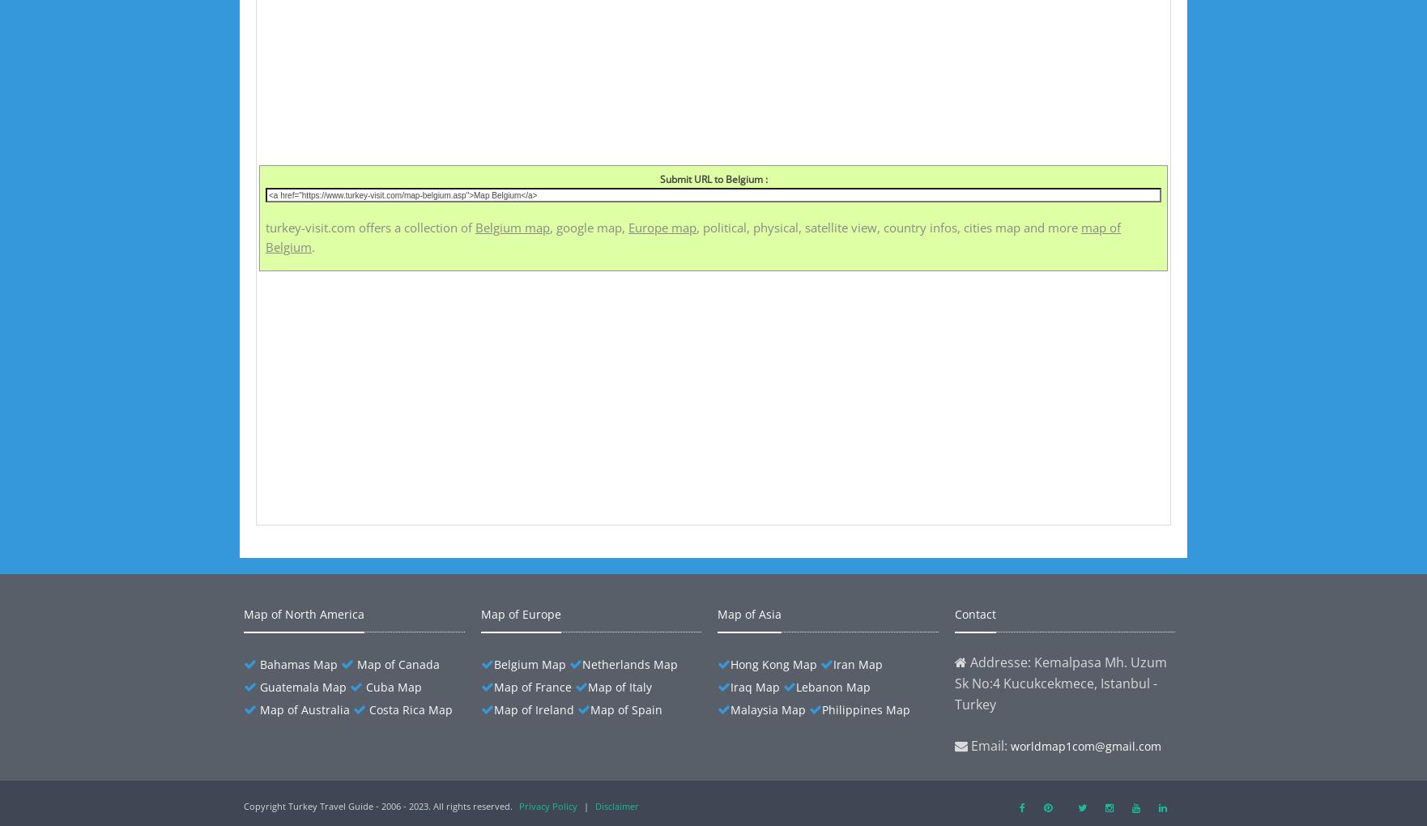 Image resolution: width=1427 pixels, height=826 pixels. I want to click on 'turkey-visit.com offers a collection of', so click(369, 227).